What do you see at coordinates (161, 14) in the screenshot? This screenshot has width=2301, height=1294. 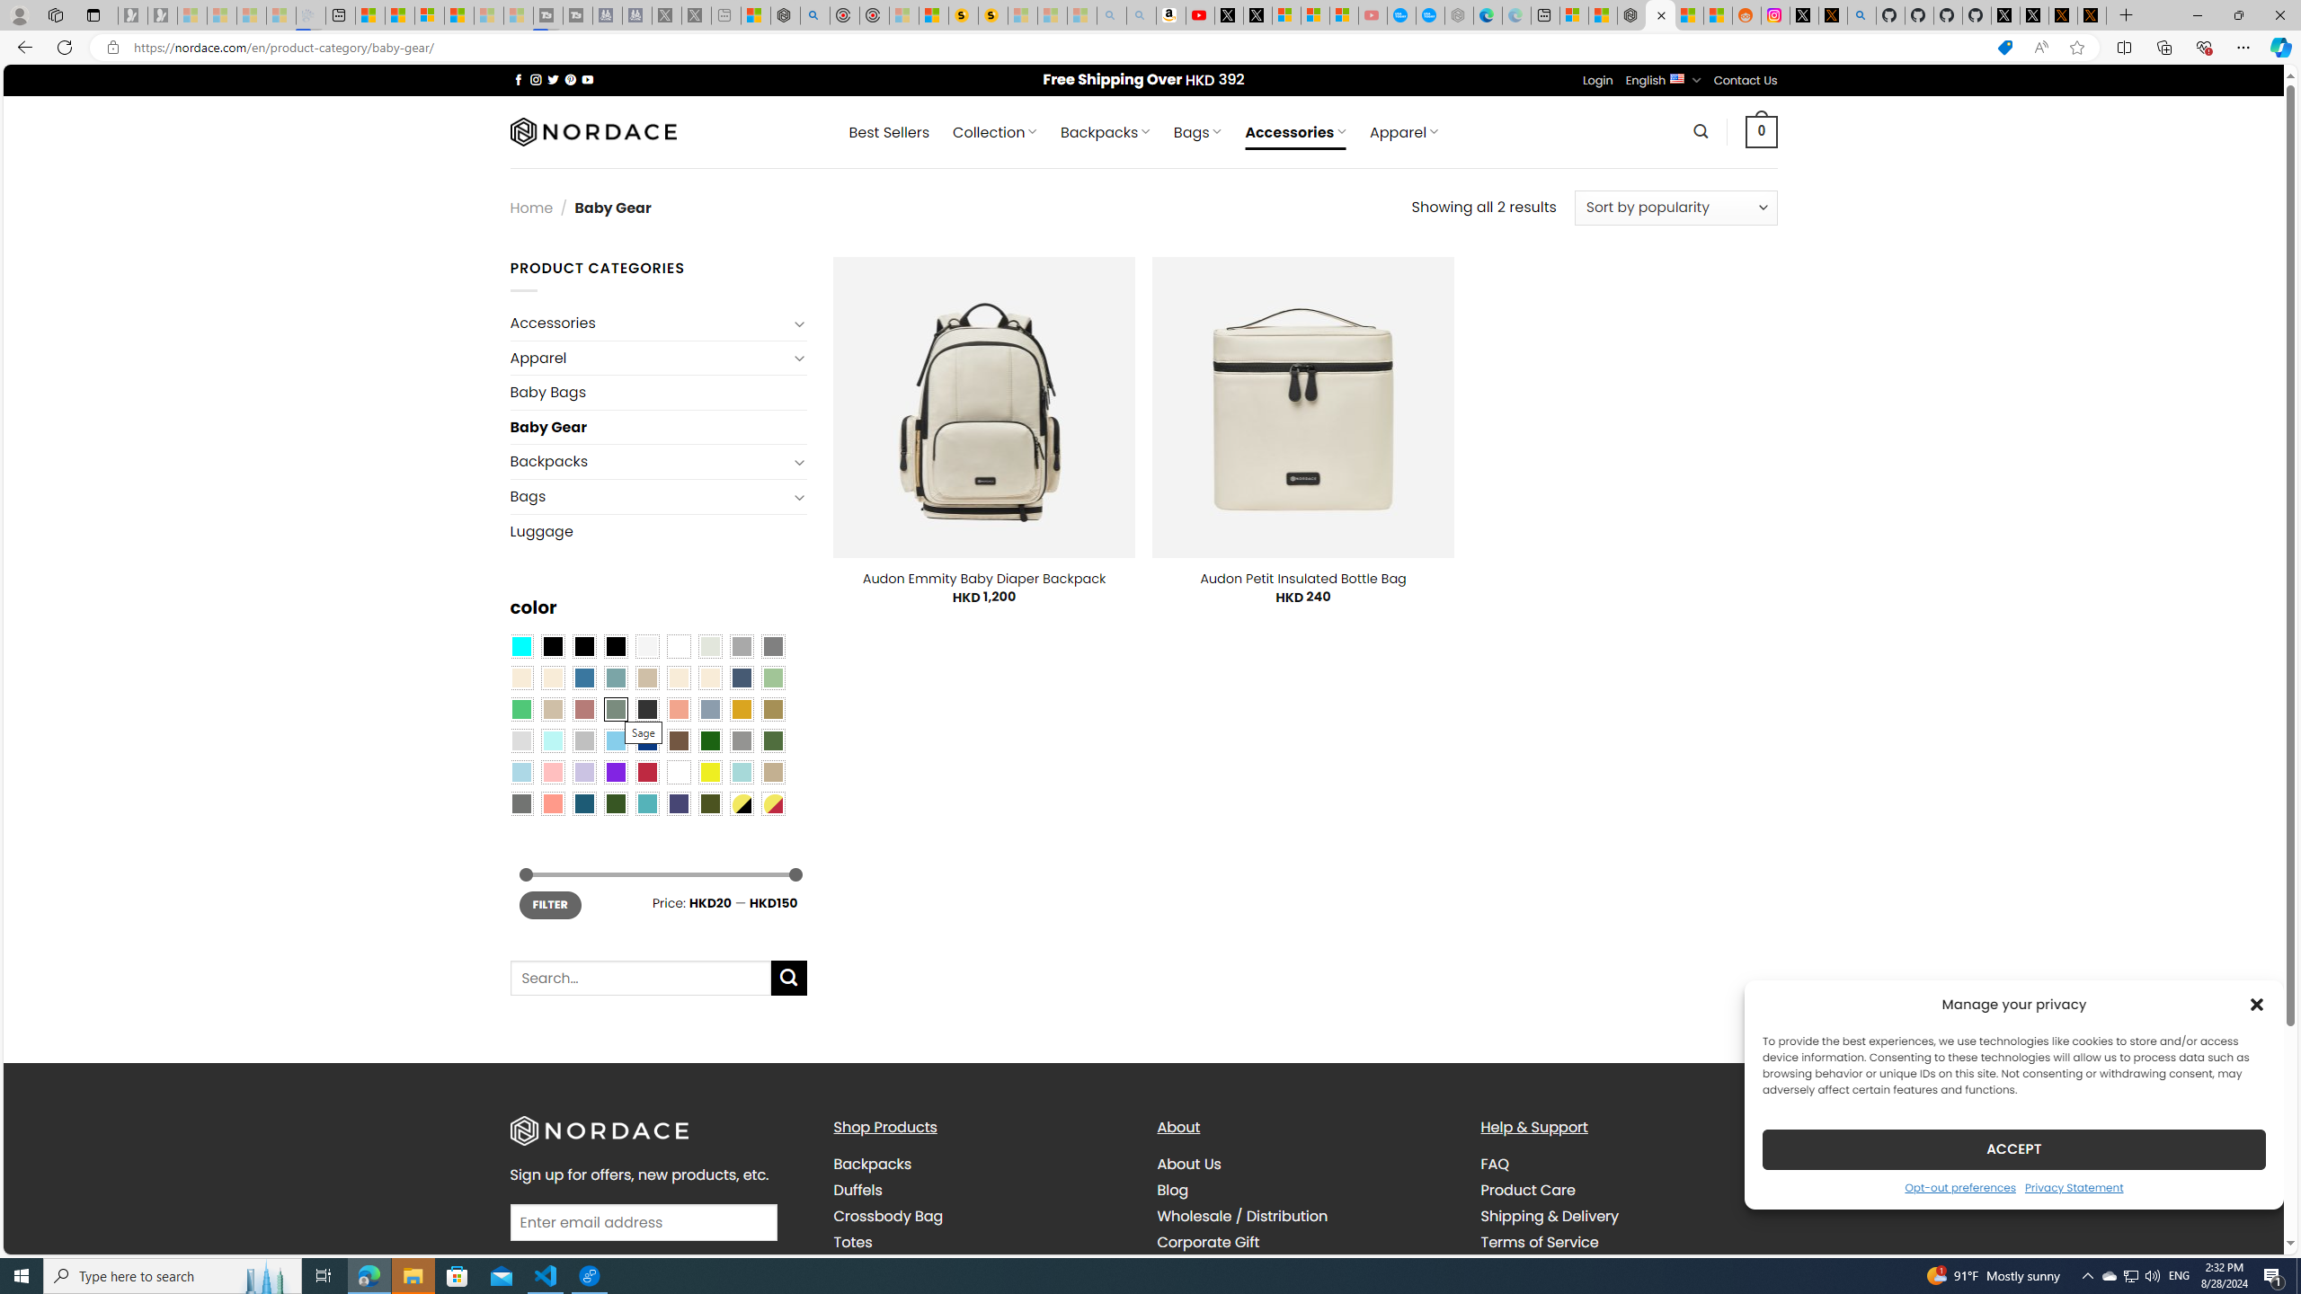 I see `'Newsletter Sign Up - Sleeping'` at bounding box center [161, 14].